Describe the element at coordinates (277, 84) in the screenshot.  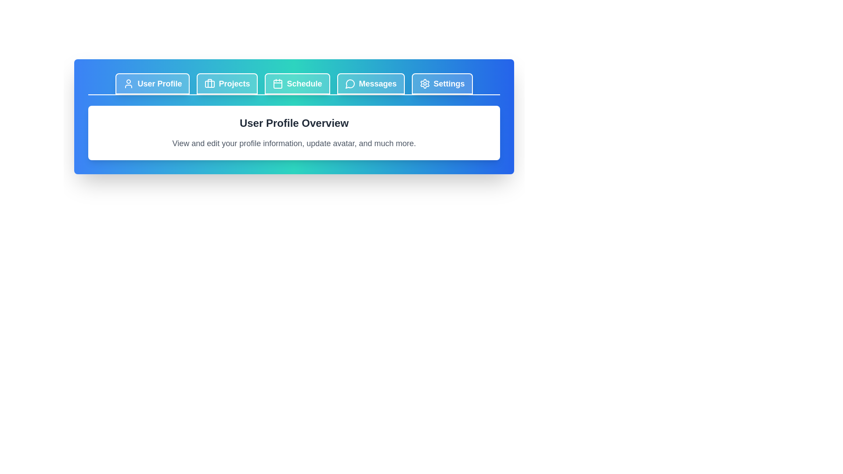
I see `the Schedule tab icon, which is a calendar icon located to the left of the text within the Schedule tab in the top navigation bar` at that location.